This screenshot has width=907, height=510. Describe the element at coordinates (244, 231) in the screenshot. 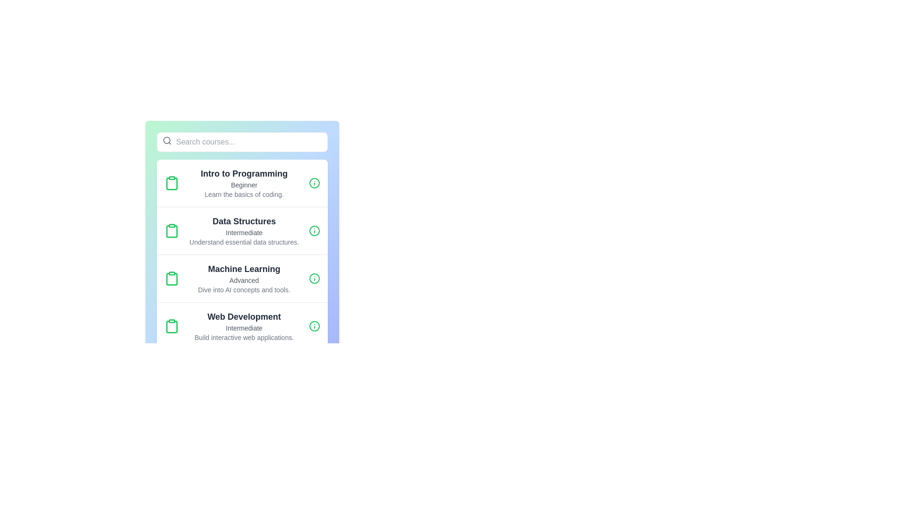

I see `the text block that describes the Data Structures course, located between the Intro to Programming and Machine Learning blocks in the vertical list` at that location.